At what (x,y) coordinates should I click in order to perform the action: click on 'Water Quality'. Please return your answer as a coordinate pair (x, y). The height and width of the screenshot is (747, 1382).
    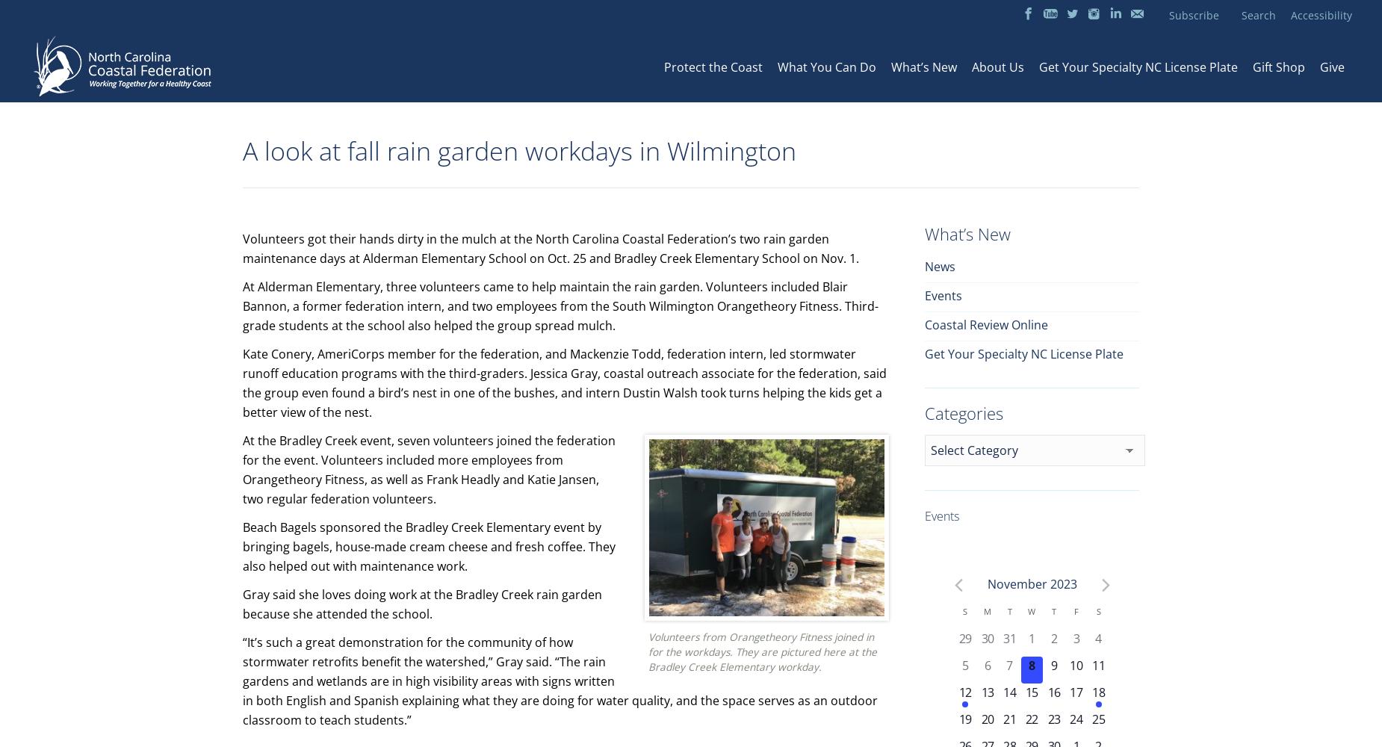
    Looking at the image, I should click on (886, 96).